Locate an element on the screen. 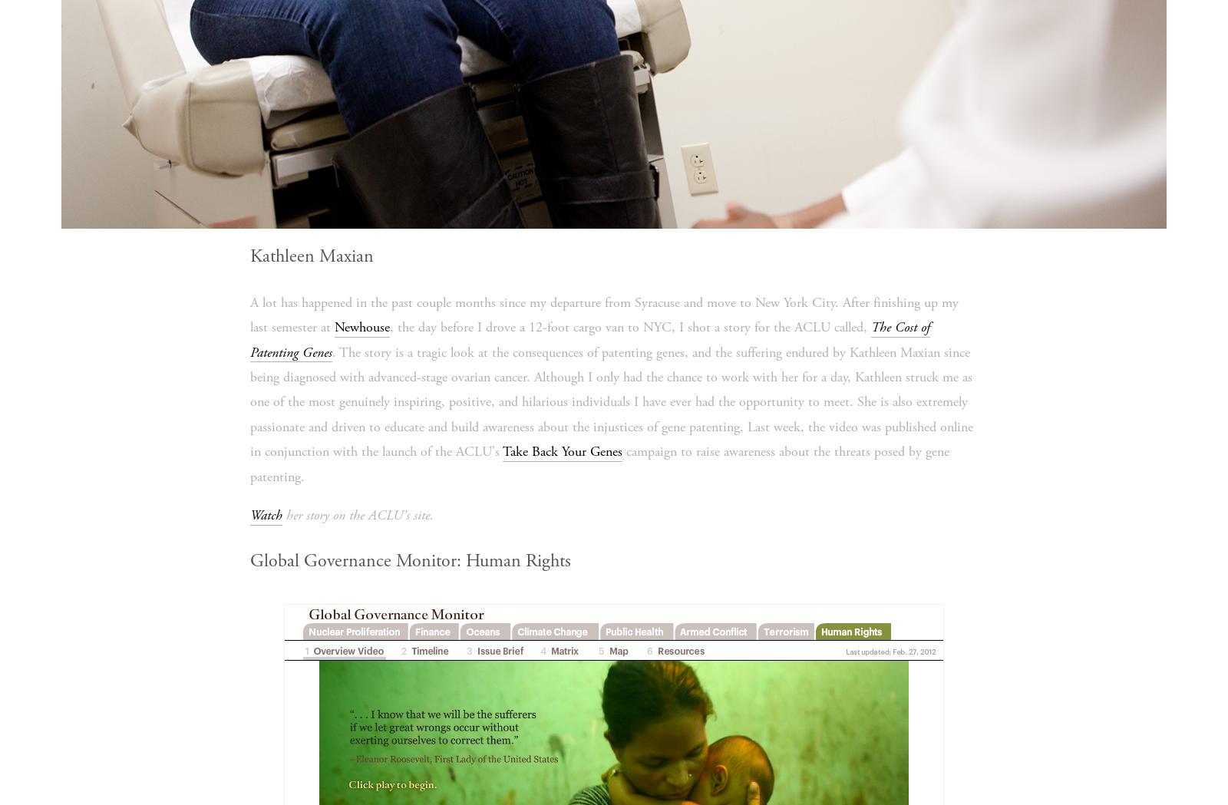 The height and width of the screenshot is (805, 1228). ', the day before I drove a 12-foot cargo van to NYC, I shot a story for the ACLU called,' is located at coordinates (388, 326).